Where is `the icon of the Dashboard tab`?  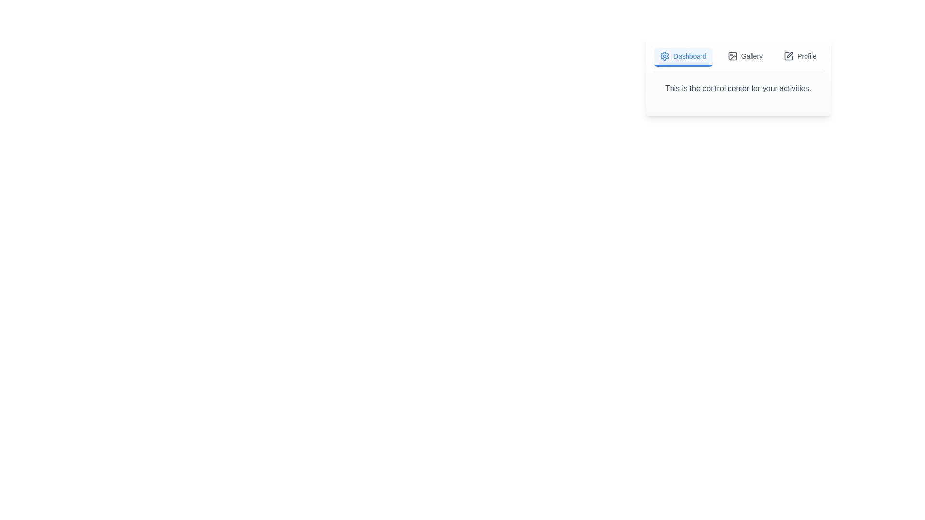 the icon of the Dashboard tab is located at coordinates (664, 56).